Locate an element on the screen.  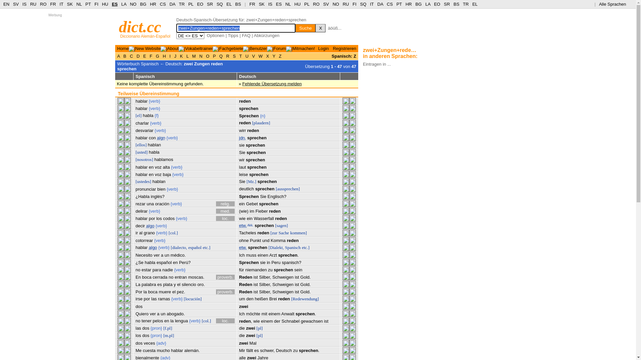
'Sie' is located at coordinates (242, 181).